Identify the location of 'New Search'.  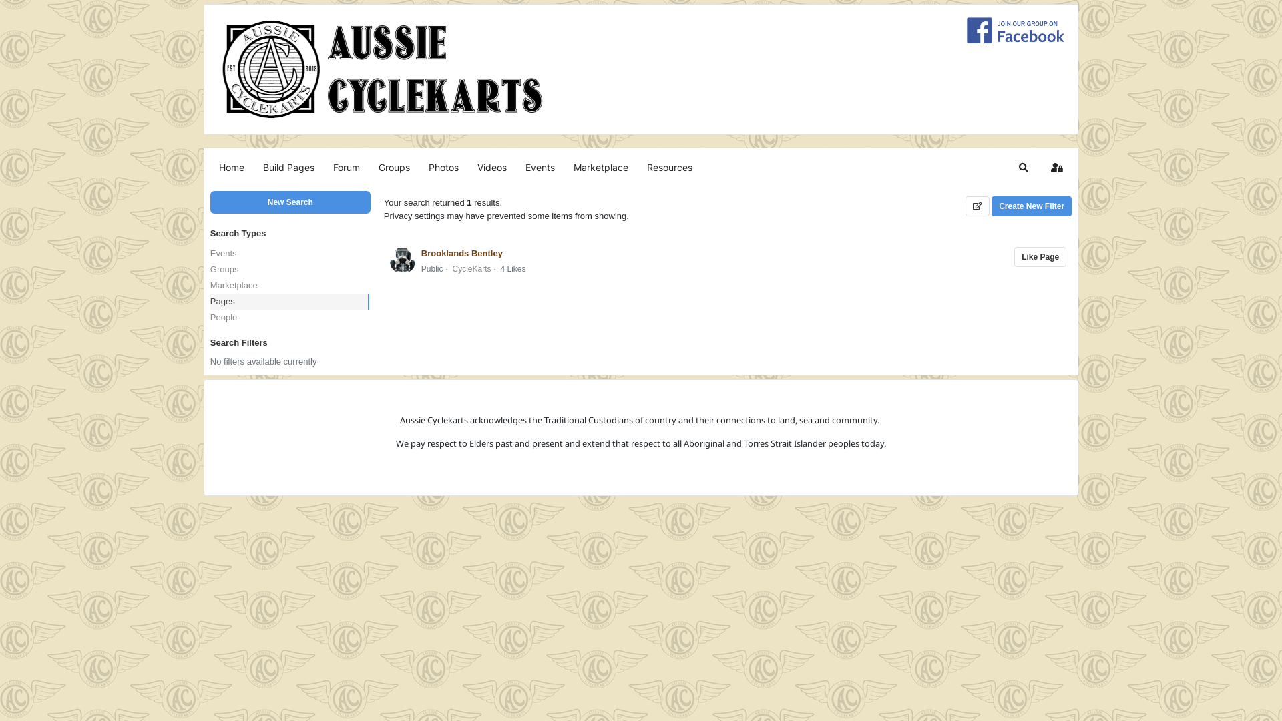
(290, 202).